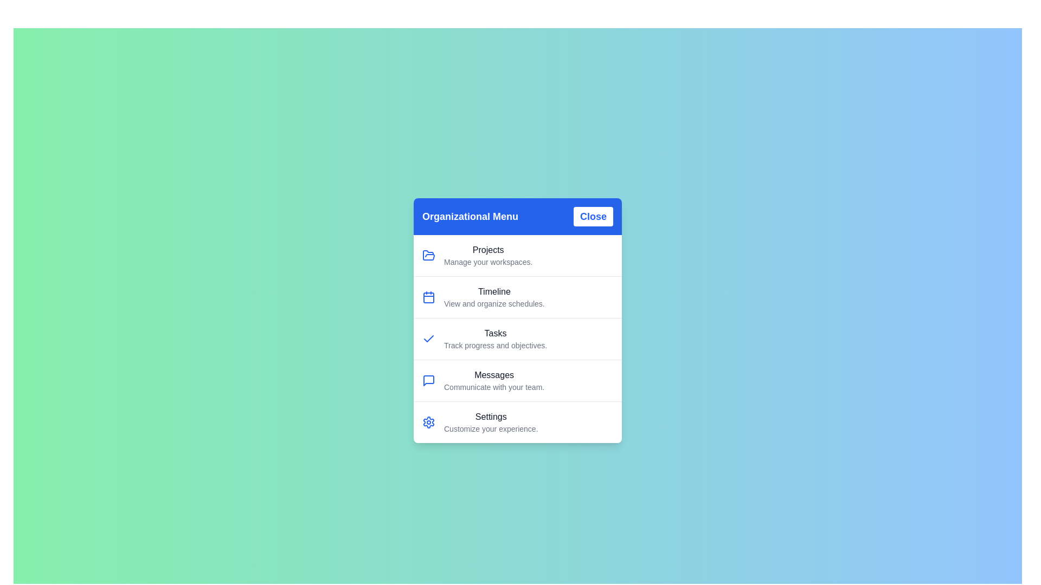  What do you see at coordinates (593, 217) in the screenshot?
I see `the 'Close' button to toggle the menu state` at bounding box center [593, 217].